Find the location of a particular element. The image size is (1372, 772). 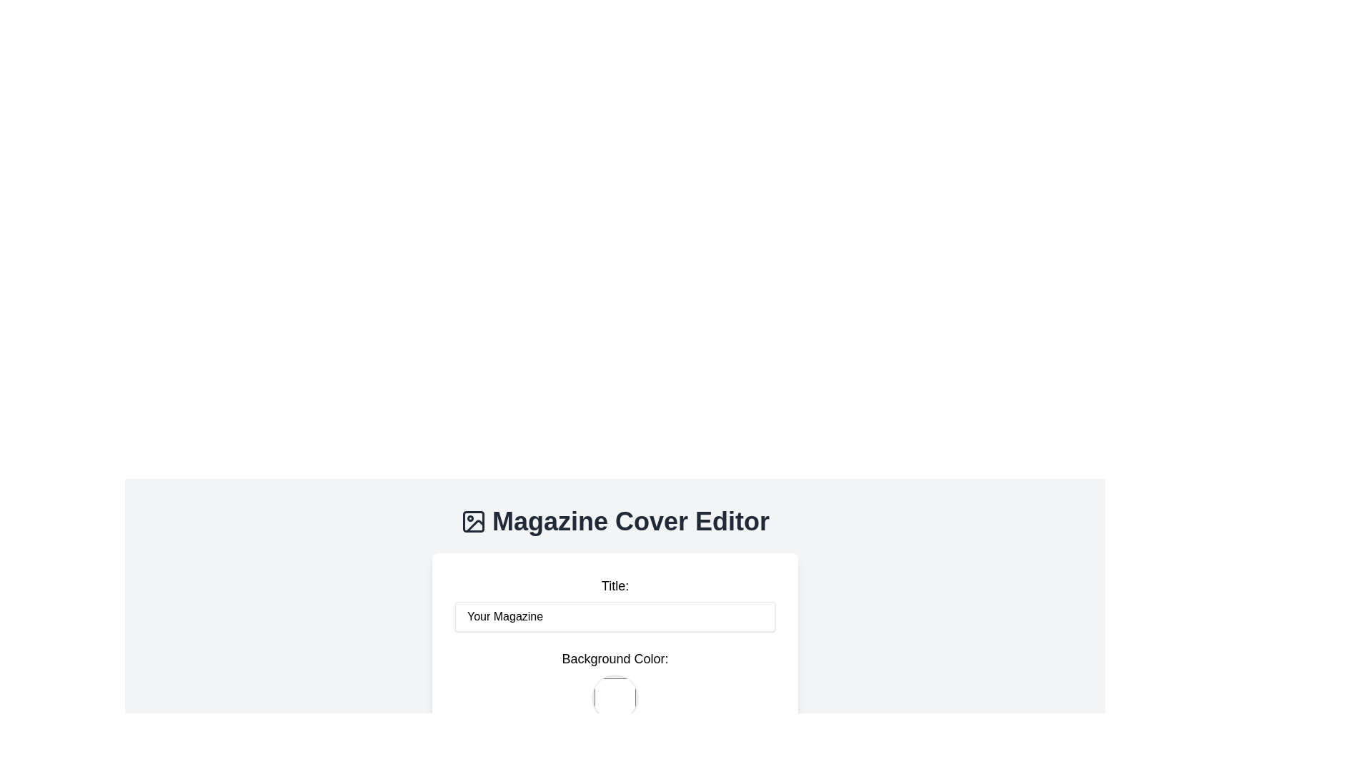

the descriptive text label guiding the user to input the magazine title, which is located at the top-center of the editor interface, above the 'Your Magazine' input field is located at coordinates (615, 586).